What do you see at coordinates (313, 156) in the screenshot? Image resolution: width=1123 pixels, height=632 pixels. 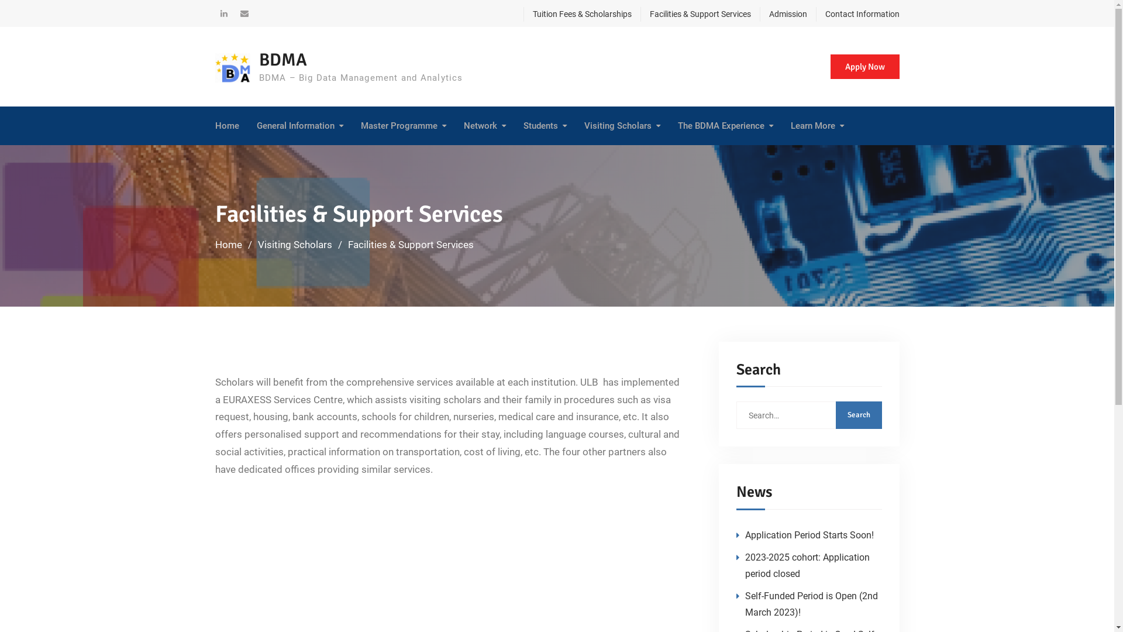 I see `'What Is Erasmus+?'` at bounding box center [313, 156].